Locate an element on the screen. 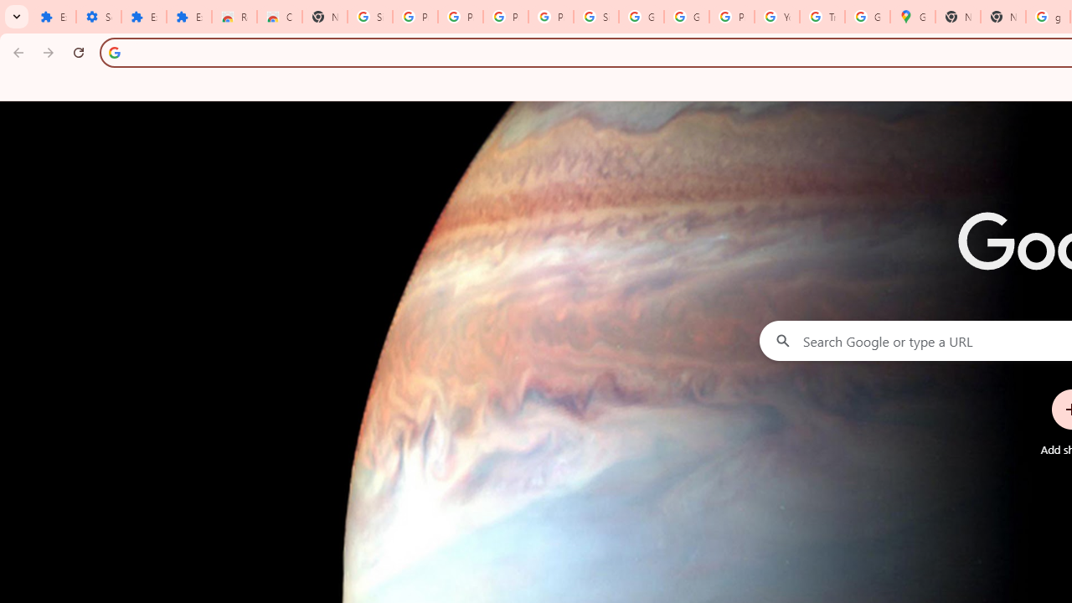 The width and height of the screenshot is (1072, 603). 'Settings' is located at coordinates (97, 17).